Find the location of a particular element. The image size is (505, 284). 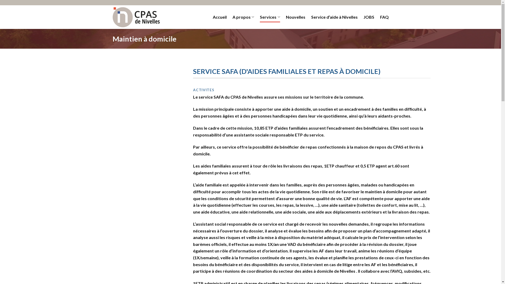

'JOBS' is located at coordinates (368, 17).